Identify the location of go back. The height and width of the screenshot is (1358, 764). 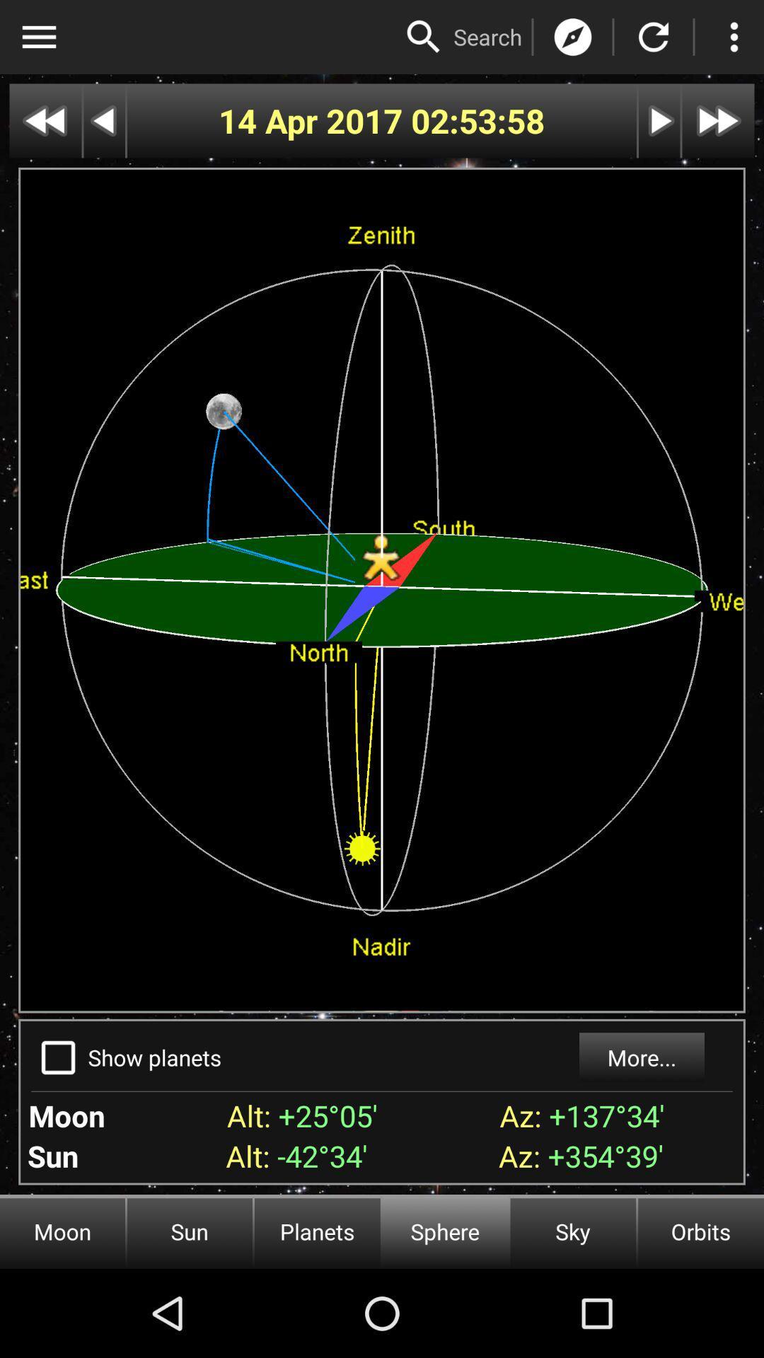
(45, 121).